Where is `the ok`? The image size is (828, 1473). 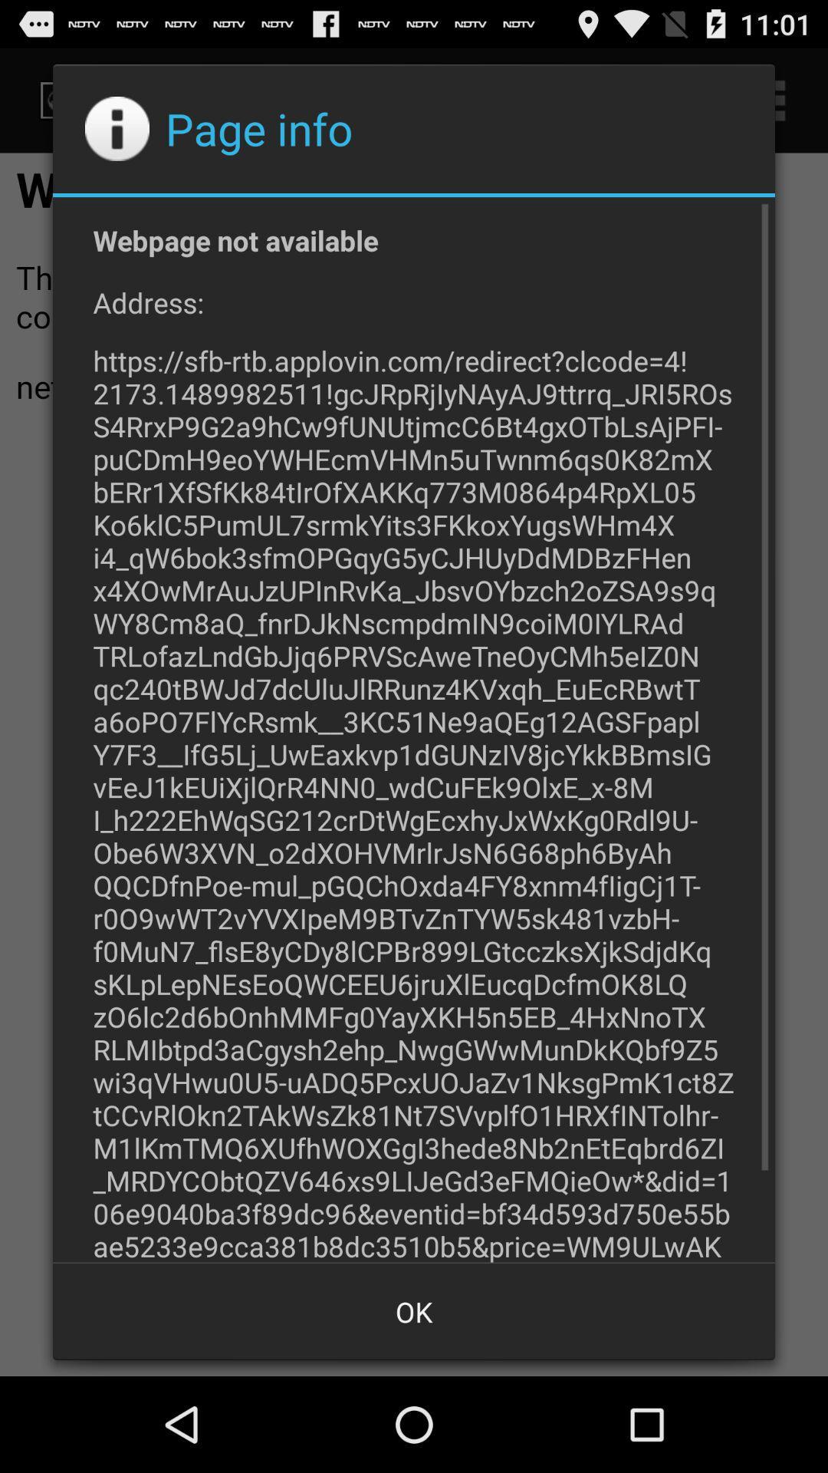 the ok is located at coordinates (414, 1310).